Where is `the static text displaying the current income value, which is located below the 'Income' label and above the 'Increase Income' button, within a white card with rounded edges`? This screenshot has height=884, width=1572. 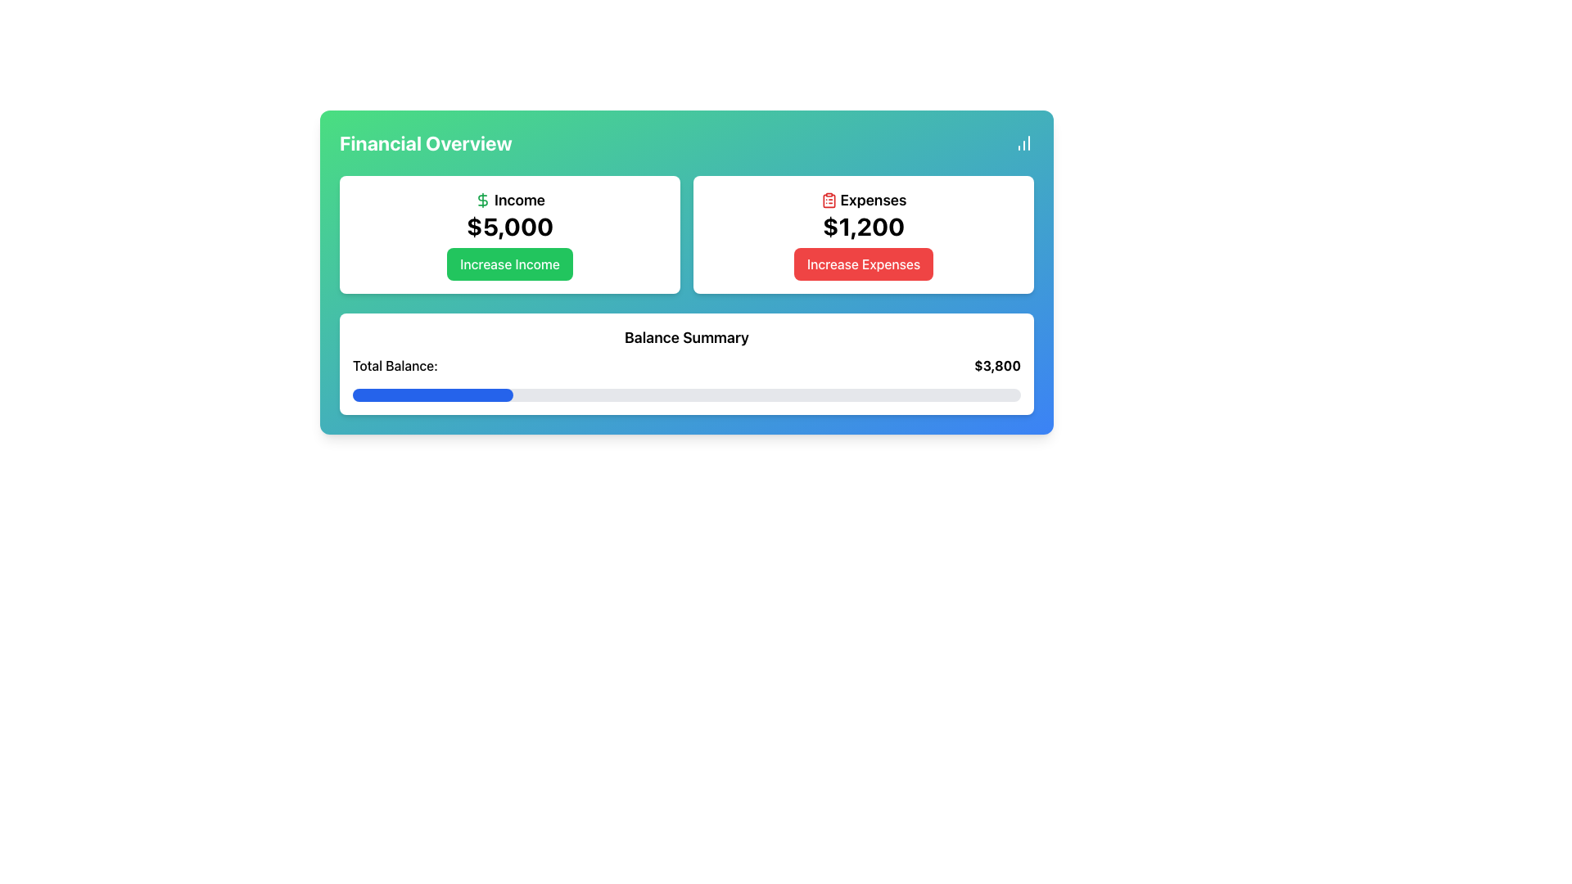 the static text displaying the current income value, which is located below the 'Income' label and above the 'Increase Income' button, within a white card with rounded edges is located at coordinates (509, 227).